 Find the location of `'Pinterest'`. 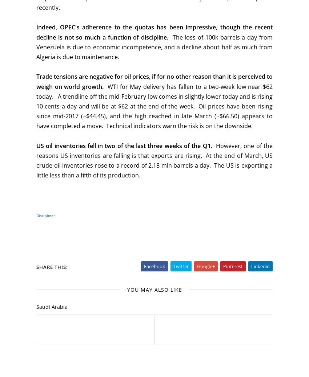

'Pinterest' is located at coordinates (233, 266).